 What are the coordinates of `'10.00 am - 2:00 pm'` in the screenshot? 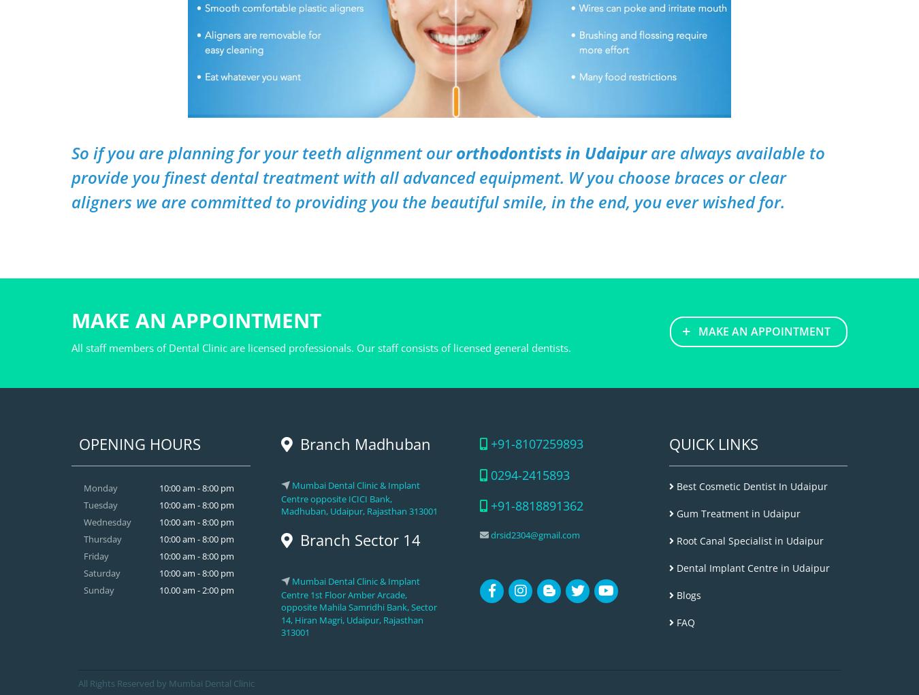 It's located at (195, 589).